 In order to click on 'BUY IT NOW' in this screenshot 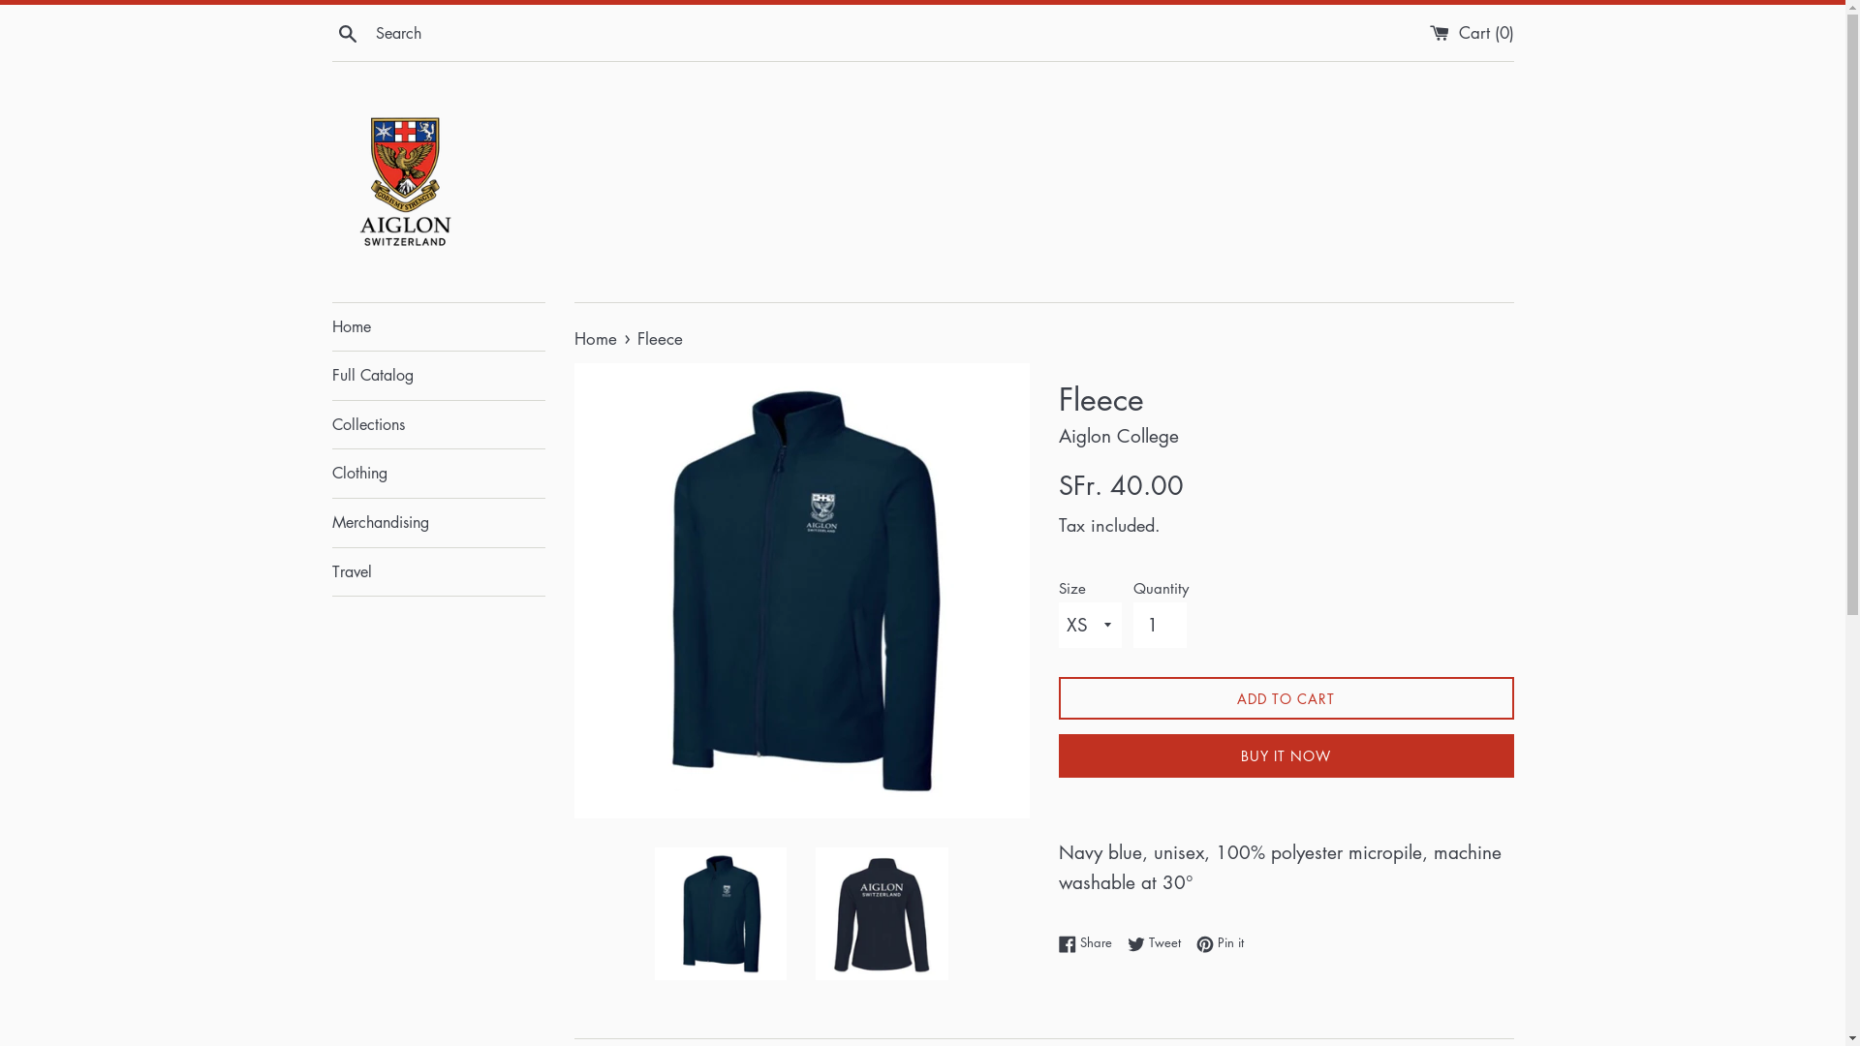, I will do `click(1285, 754)`.